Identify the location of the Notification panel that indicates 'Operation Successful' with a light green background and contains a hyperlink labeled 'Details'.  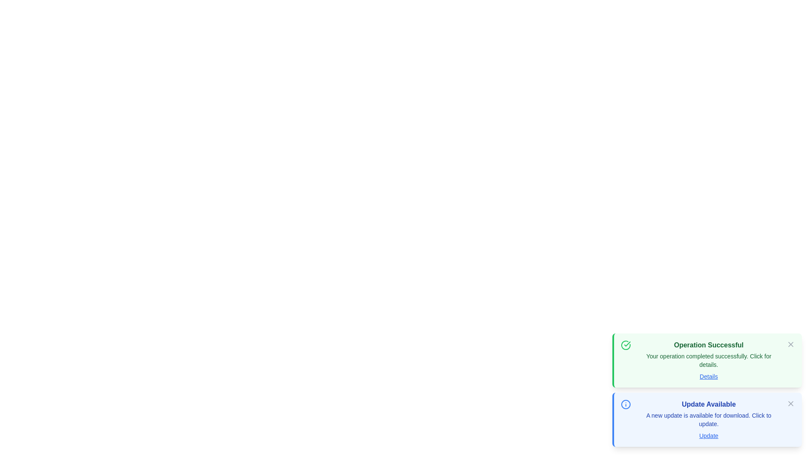
(708, 361).